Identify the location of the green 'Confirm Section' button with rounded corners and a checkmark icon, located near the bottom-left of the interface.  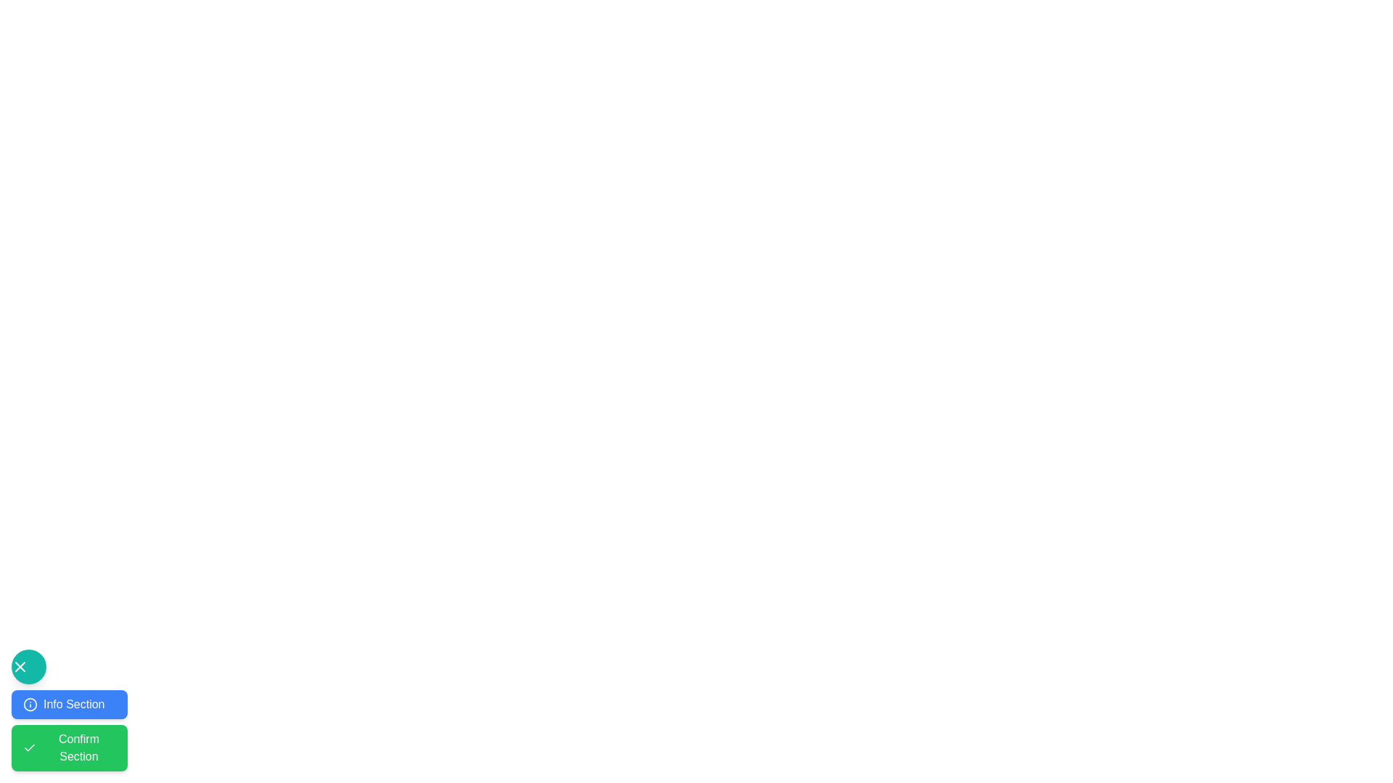
(69, 748).